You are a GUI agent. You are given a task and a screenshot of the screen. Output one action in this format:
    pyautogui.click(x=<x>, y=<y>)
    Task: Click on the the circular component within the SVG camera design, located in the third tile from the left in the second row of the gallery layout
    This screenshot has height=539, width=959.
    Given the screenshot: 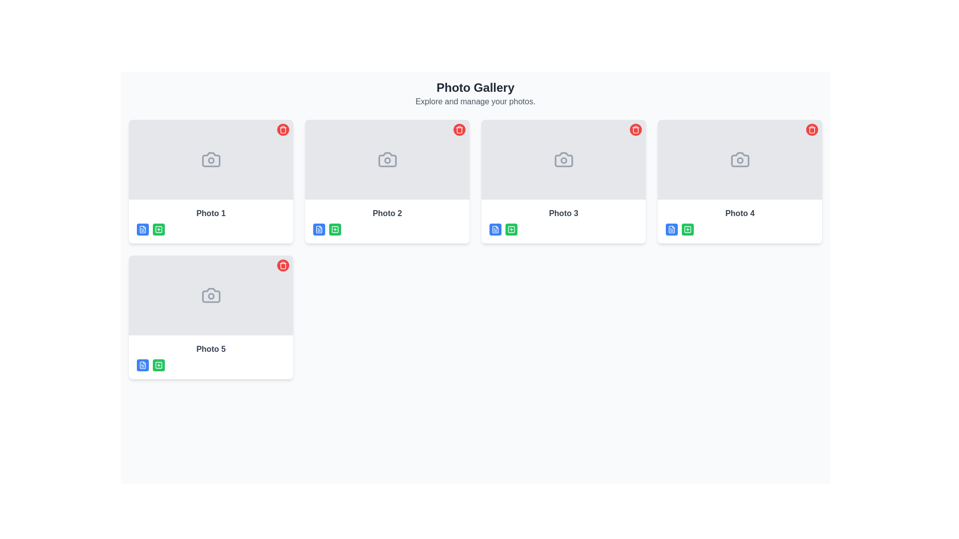 What is the action you would take?
    pyautogui.click(x=563, y=160)
    